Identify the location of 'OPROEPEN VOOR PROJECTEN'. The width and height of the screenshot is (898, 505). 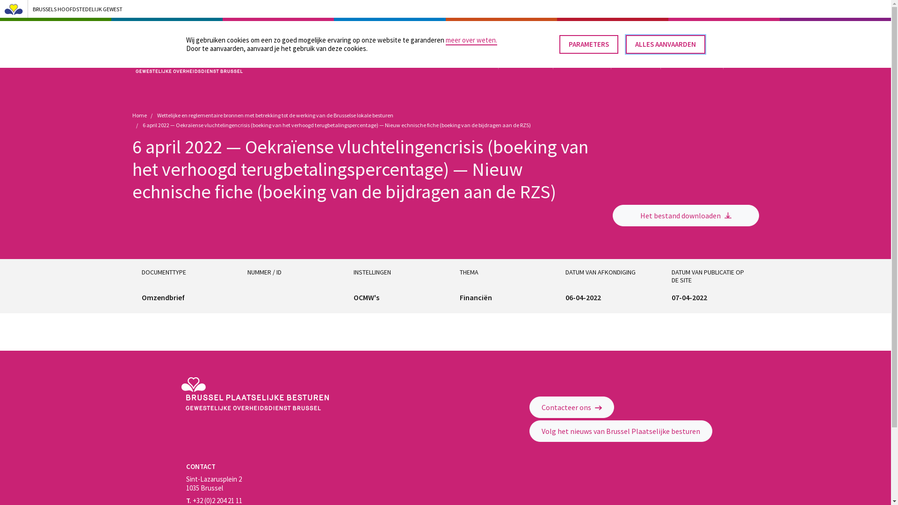
(560, 34).